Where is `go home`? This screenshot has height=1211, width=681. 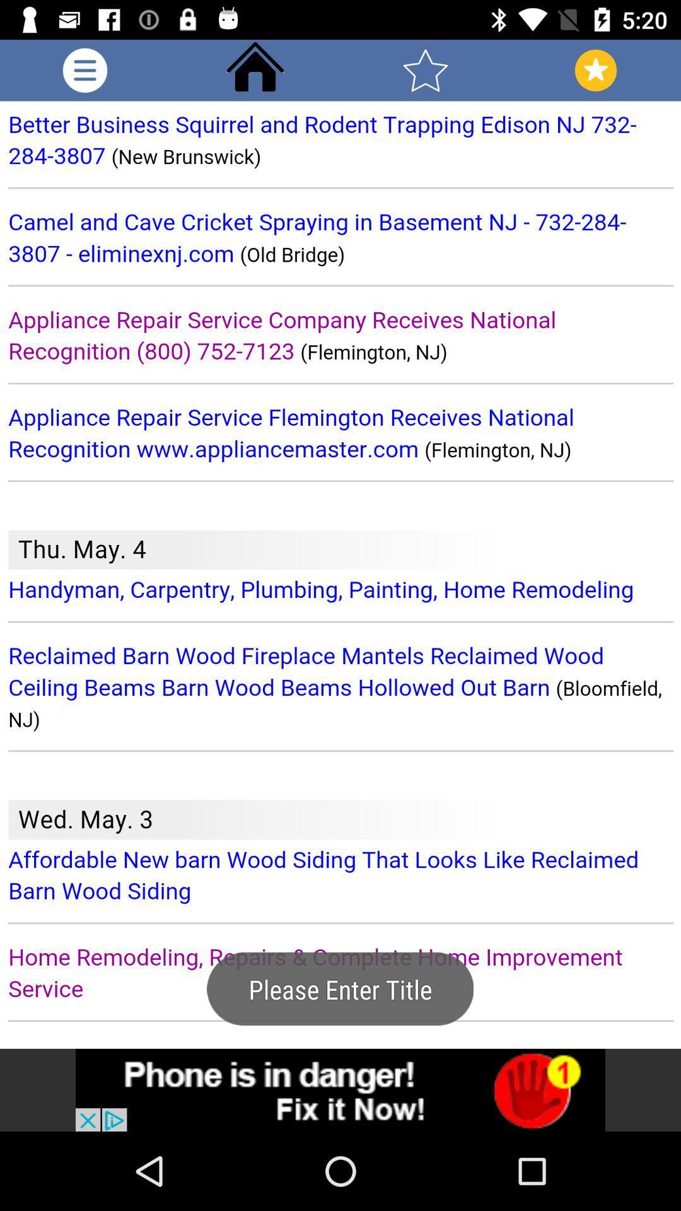 go home is located at coordinates (255, 69).